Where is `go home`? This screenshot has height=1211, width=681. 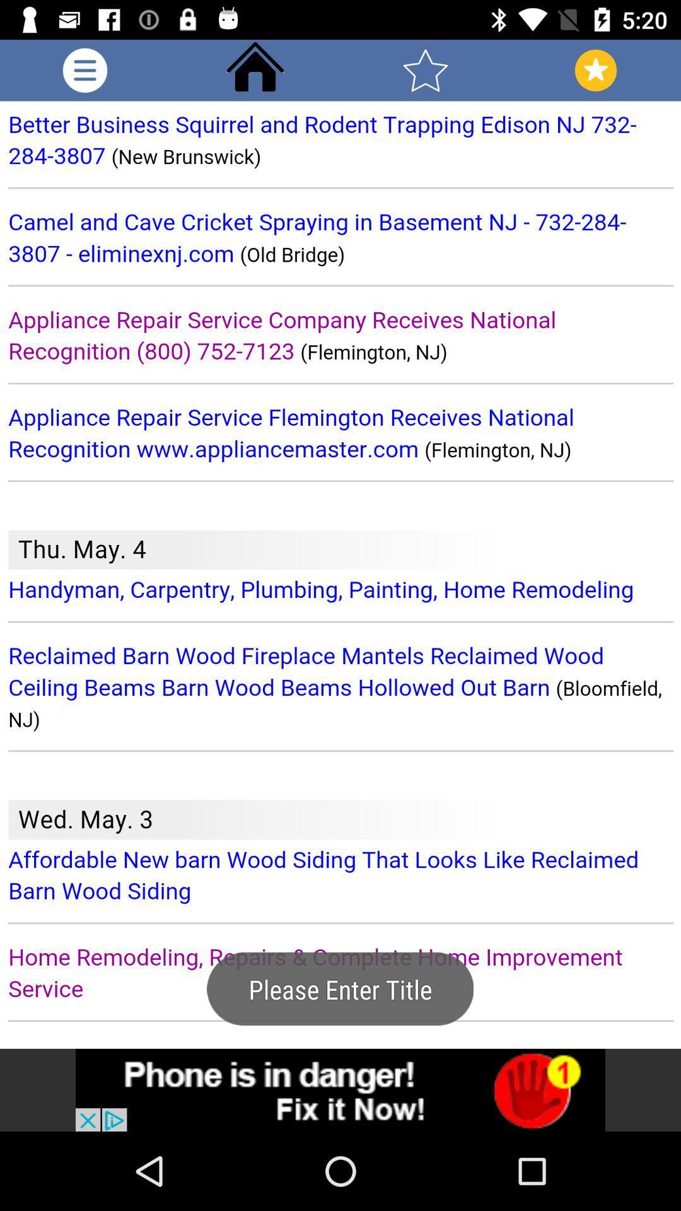 go home is located at coordinates (255, 69).